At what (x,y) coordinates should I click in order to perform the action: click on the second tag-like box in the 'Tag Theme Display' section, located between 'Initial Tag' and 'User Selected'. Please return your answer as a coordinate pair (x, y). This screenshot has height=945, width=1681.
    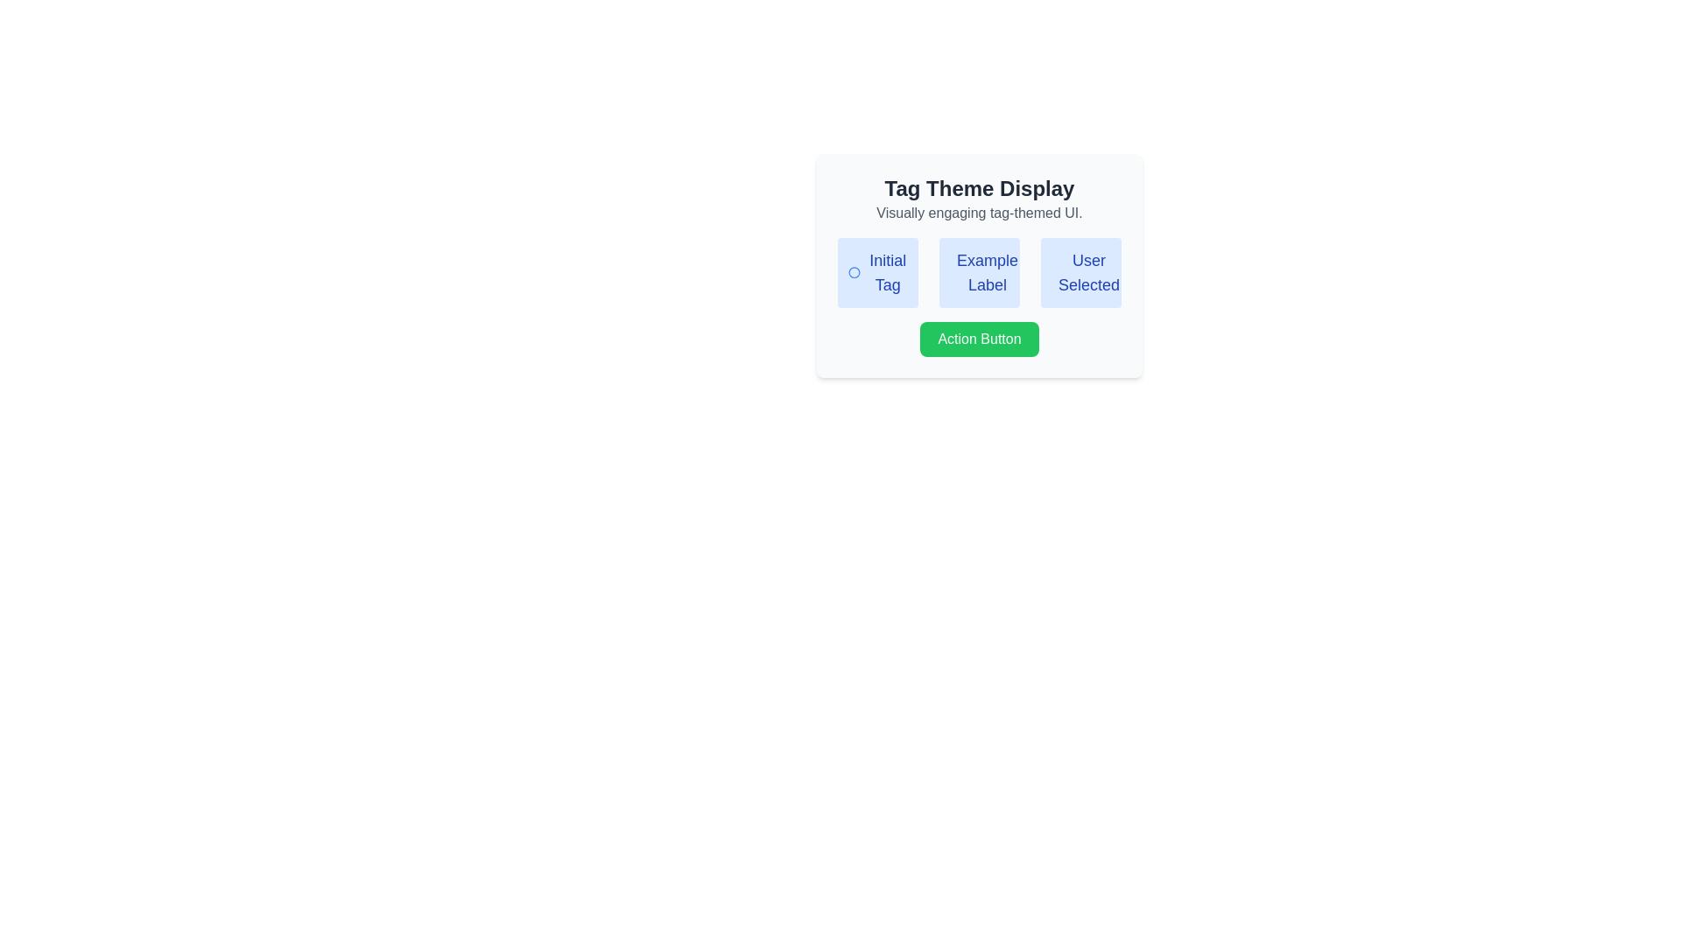
    Looking at the image, I should click on (978, 273).